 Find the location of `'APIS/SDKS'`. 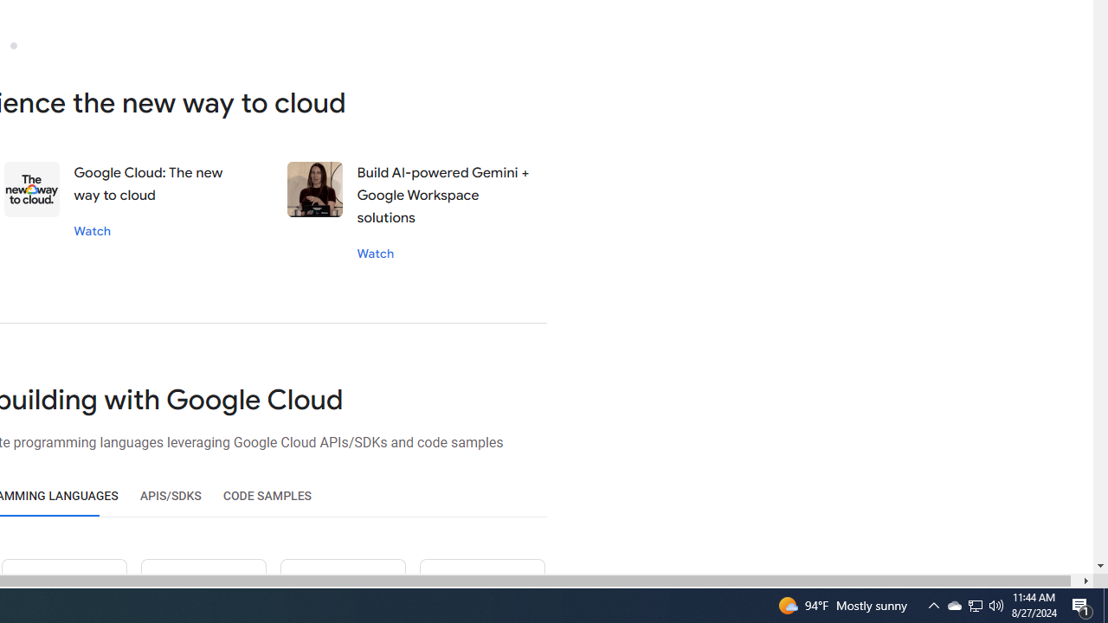

'APIS/SDKS' is located at coordinates (171, 496).